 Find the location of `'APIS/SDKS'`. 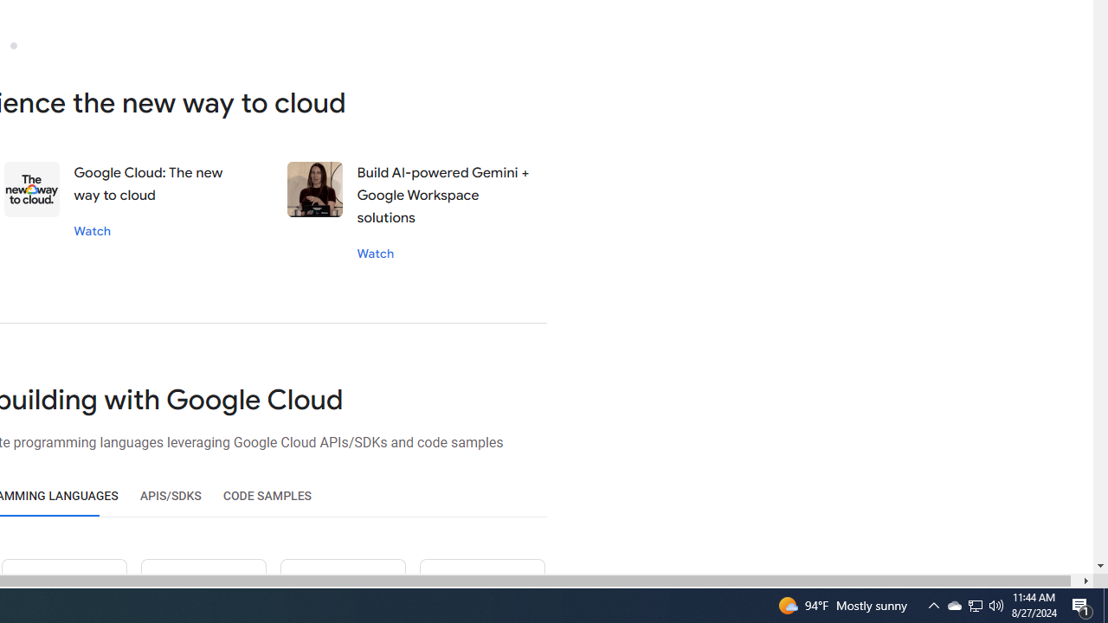

'APIS/SDKS' is located at coordinates (171, 496).